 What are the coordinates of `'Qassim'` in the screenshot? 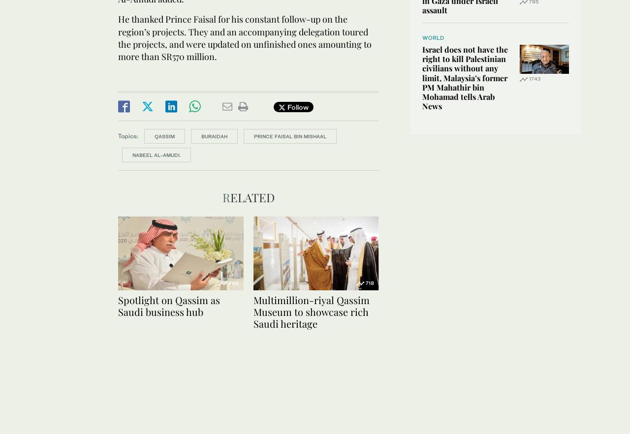 It's located at (154, 136).